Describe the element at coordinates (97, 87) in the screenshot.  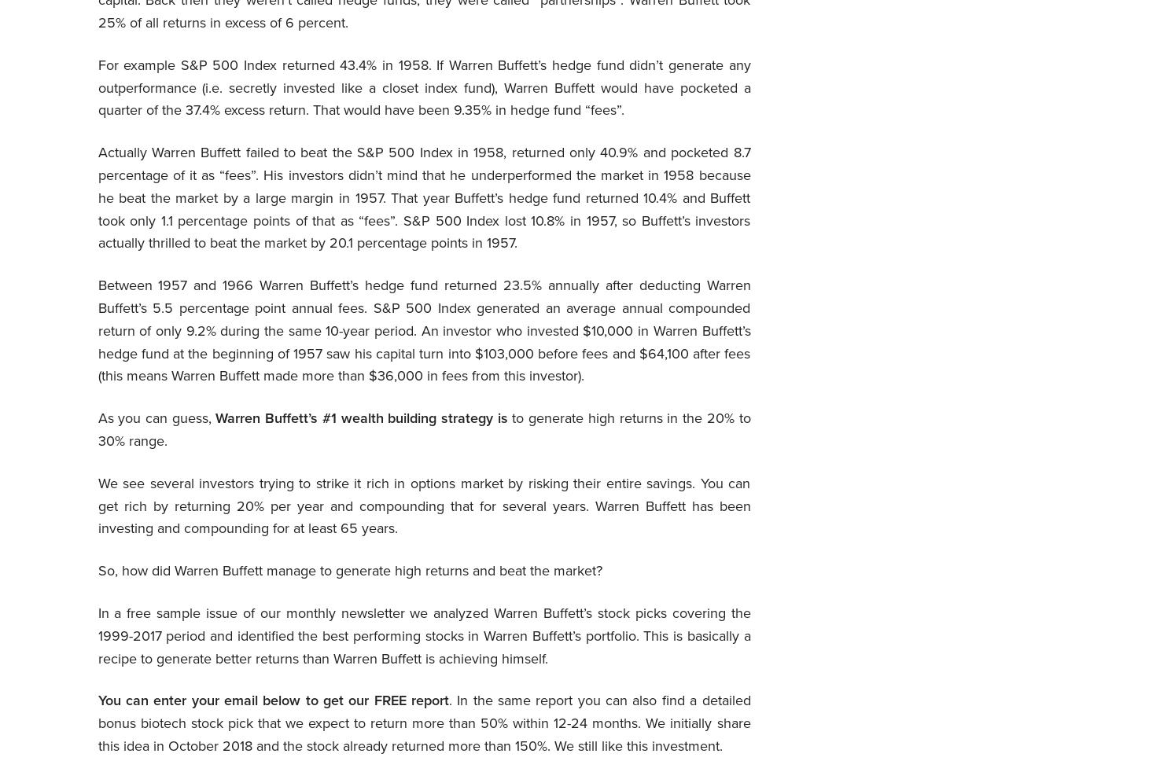
I see `'For example S&P 500 Index returned 43.4% in 1958. If Warren Buffett’s hedge fund didn’t generate any outperformance (i.e. secretly invested like a closet index fund), Warren Buffett would have pocketed a quarter of the 37.4% excess return. That would have been 9.35% in hedge fund “fees”.'` at that location.